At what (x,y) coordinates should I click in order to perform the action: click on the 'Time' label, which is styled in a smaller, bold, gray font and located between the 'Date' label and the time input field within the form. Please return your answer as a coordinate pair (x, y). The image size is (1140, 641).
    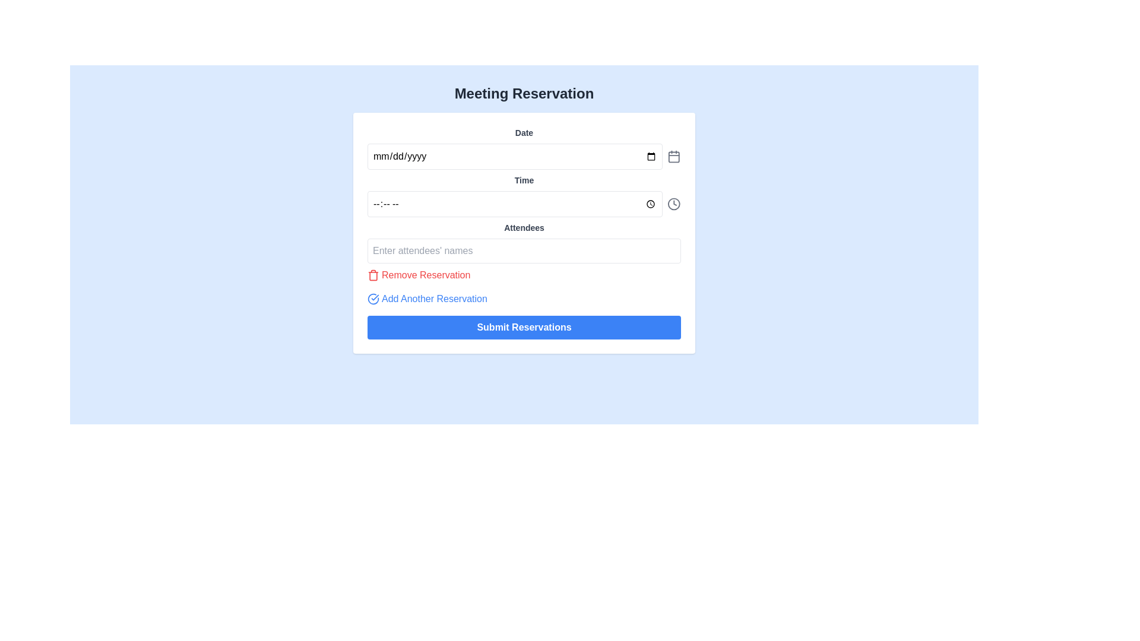
    Looking at the image, I should click on (524, 180).